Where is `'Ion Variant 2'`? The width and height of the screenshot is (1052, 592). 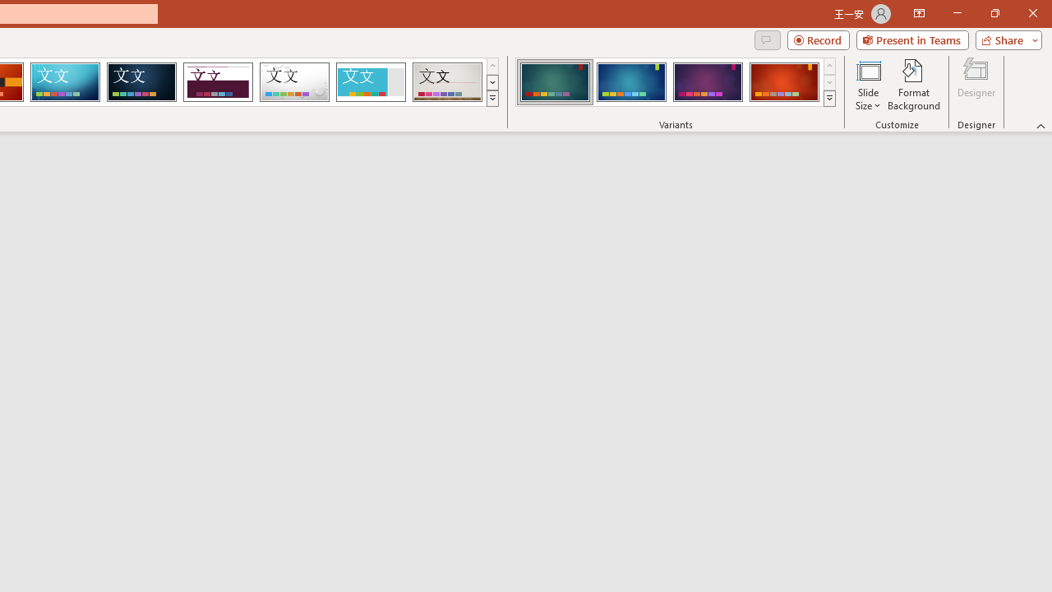 'Ion Variant 2' is located at coordinates (630, 82).